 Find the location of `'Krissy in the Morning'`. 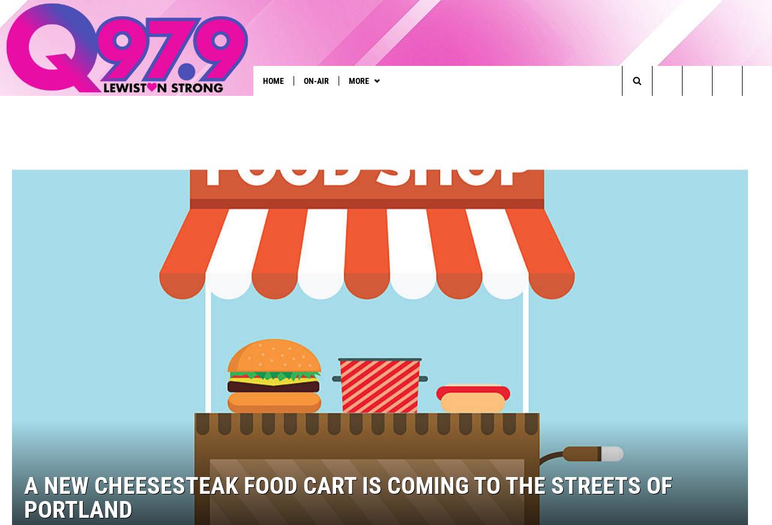

'Krissy in the Morning' is located at coordinates (211, 105).